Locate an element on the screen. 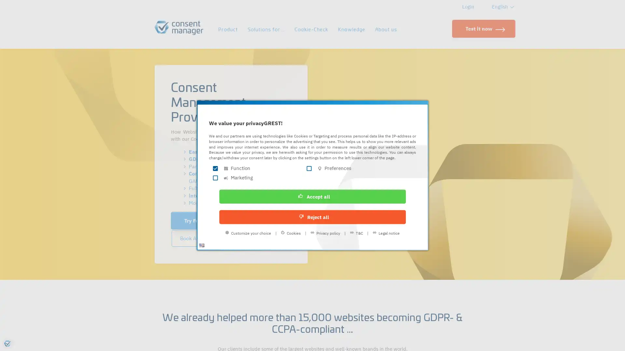 This screenshot has height=351, width=625. Language: en is located at coordinates (220, 243).